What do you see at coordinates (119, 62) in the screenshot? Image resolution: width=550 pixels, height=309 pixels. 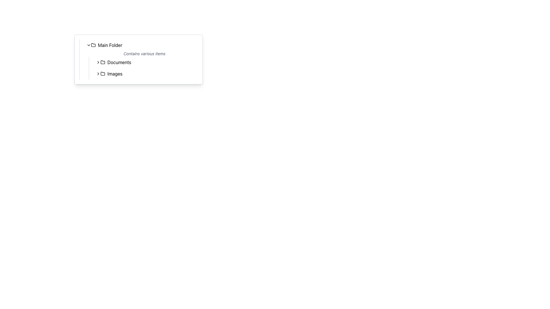 I see `the 'Documents' folder label, which serves as a descriptive label for identifying the folder's contents, positioned to the right of the corresponding folder icon in the list layout` at bounding box center [119, 62].